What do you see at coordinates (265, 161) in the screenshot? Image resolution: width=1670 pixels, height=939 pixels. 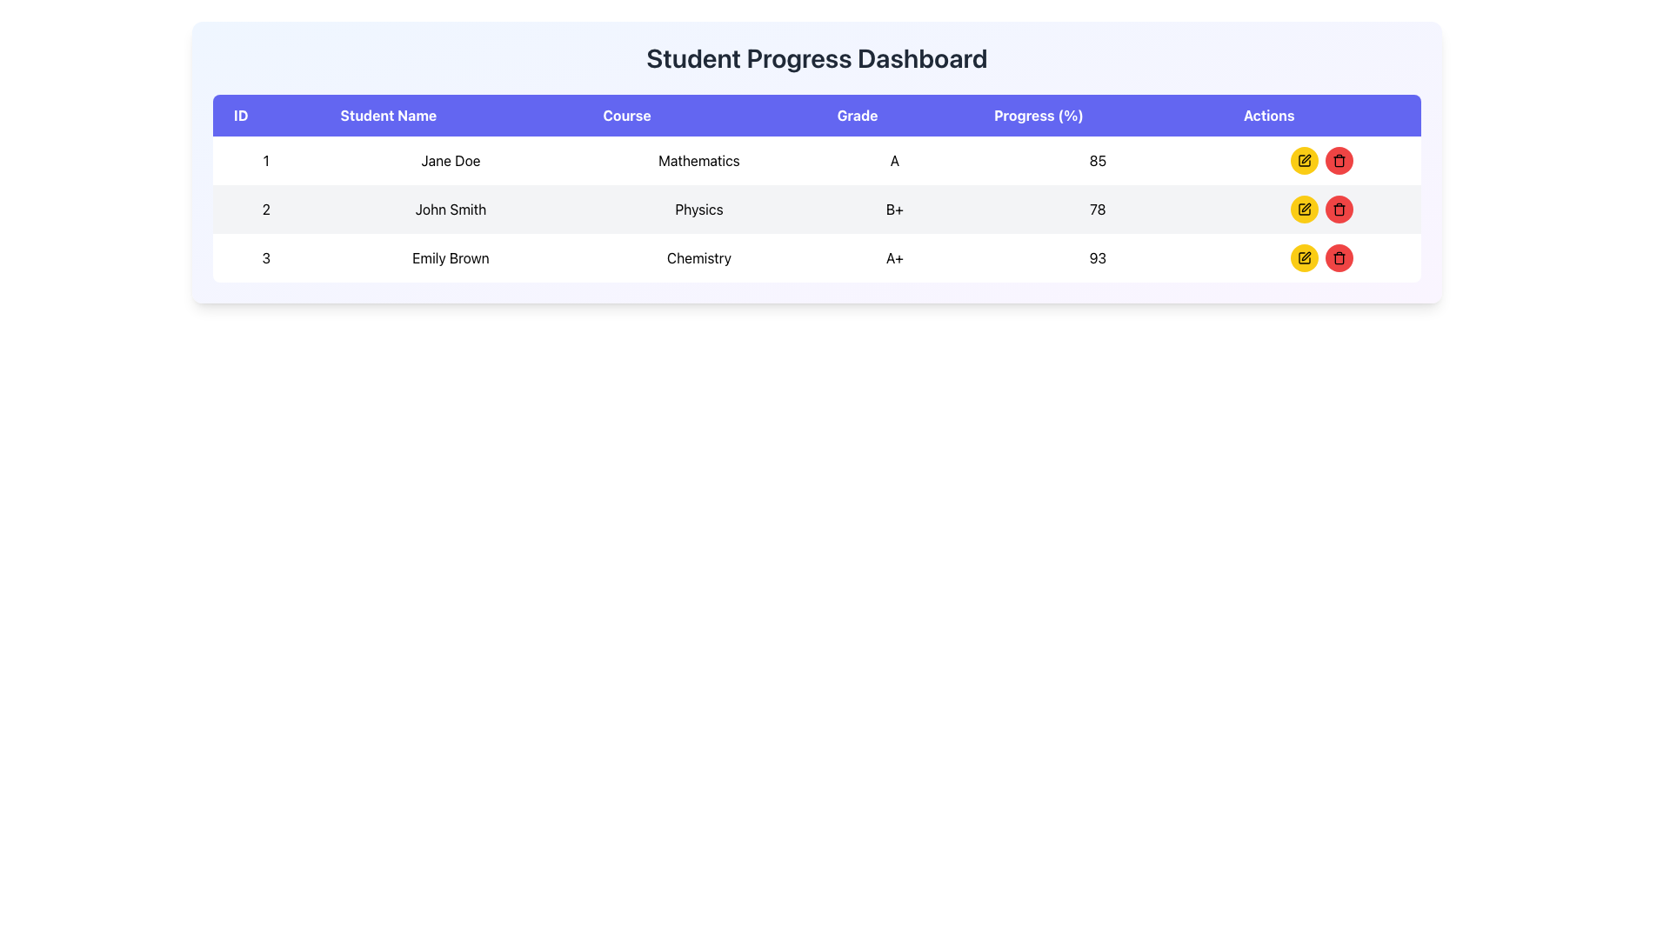 I see `the text label displaying the number '1' in the first cell of the table, located in the main content area below the 'Student Progress Dashboard' heading` at bounding box center [265, 161].